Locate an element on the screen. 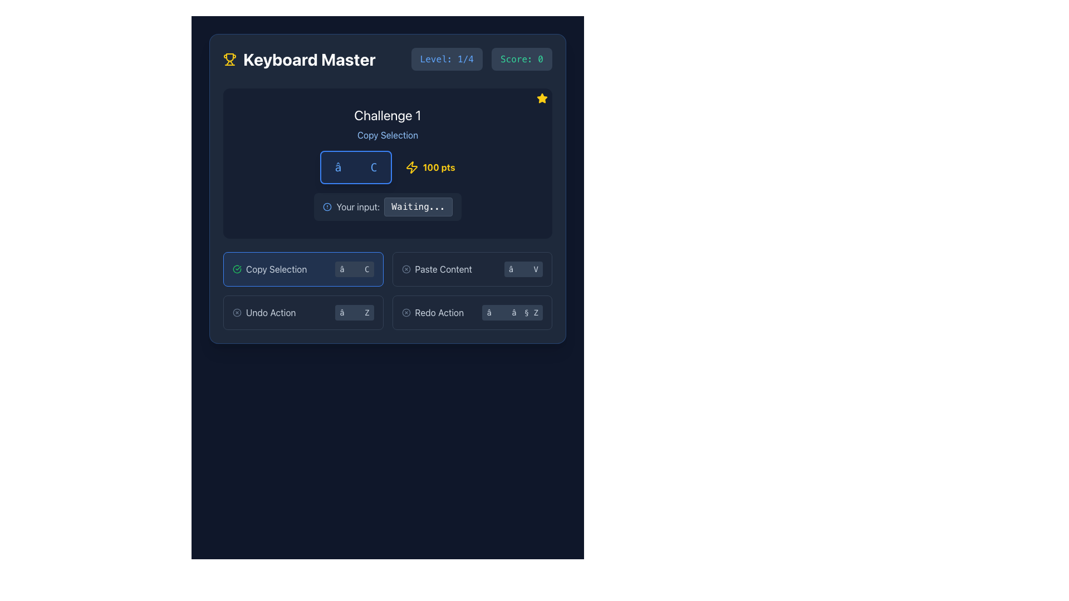  the 'Undo Action' button located in the bottom-left corner of the grid layout is located at coordinates (263, 313).